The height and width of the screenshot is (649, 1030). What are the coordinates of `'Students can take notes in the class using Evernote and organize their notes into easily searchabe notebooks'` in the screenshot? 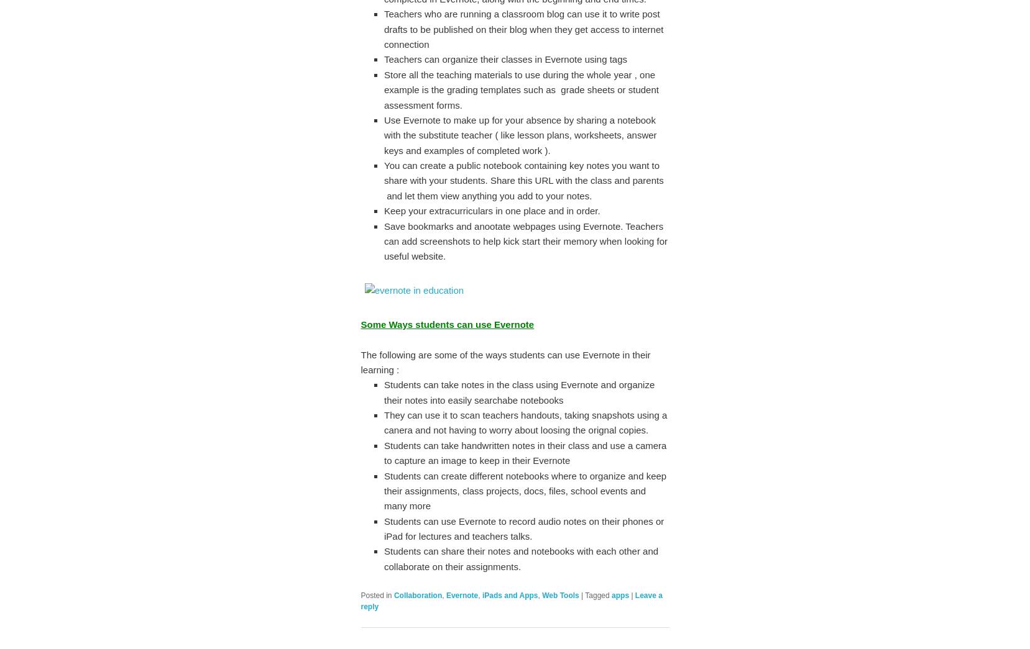 It's located at (519, 391).